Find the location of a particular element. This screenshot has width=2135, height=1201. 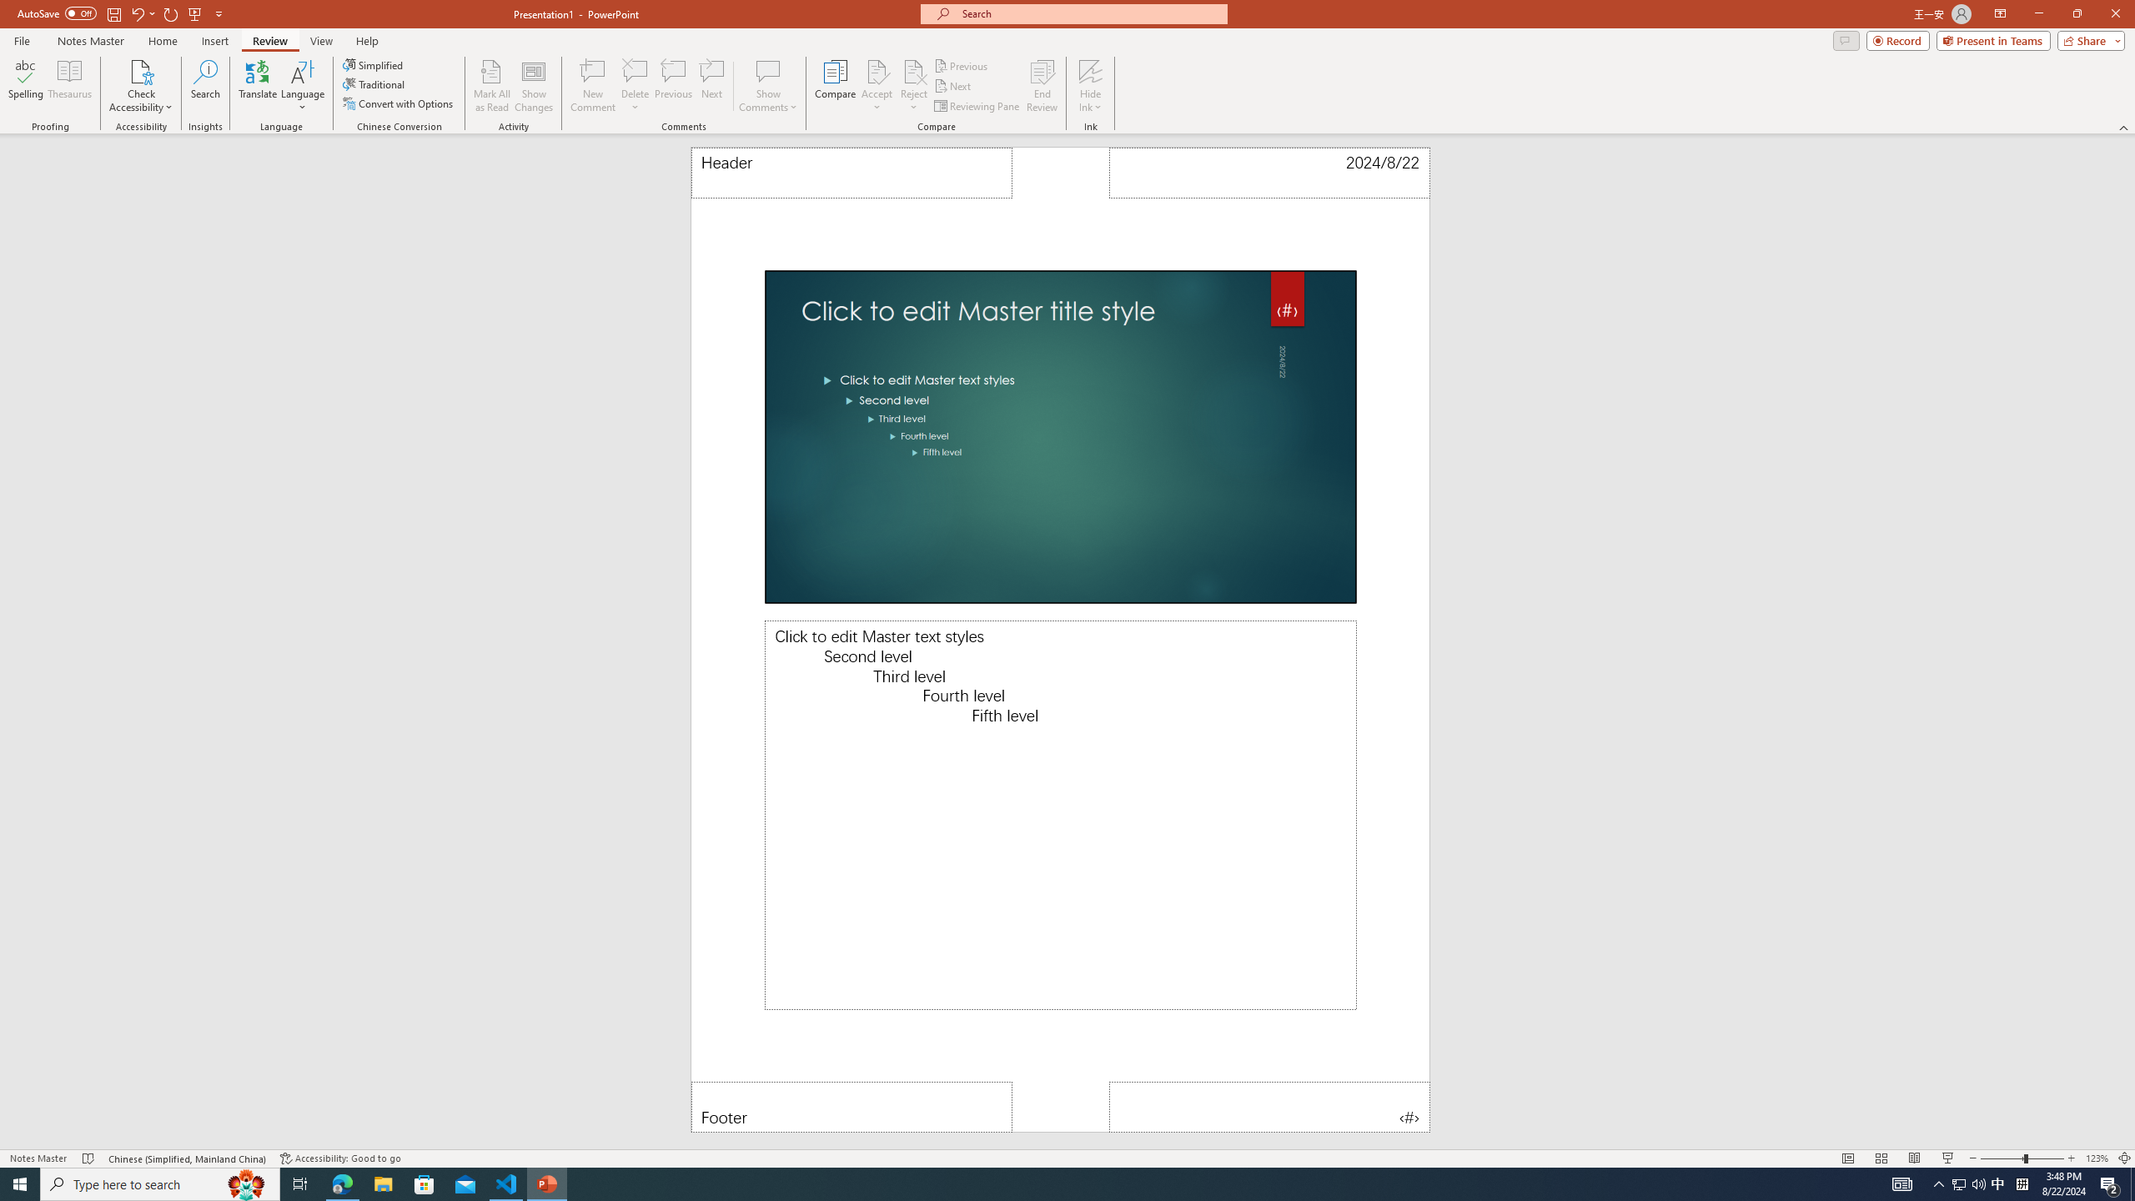

'Zoom 123%' is located at coordinates (2097, 1158).